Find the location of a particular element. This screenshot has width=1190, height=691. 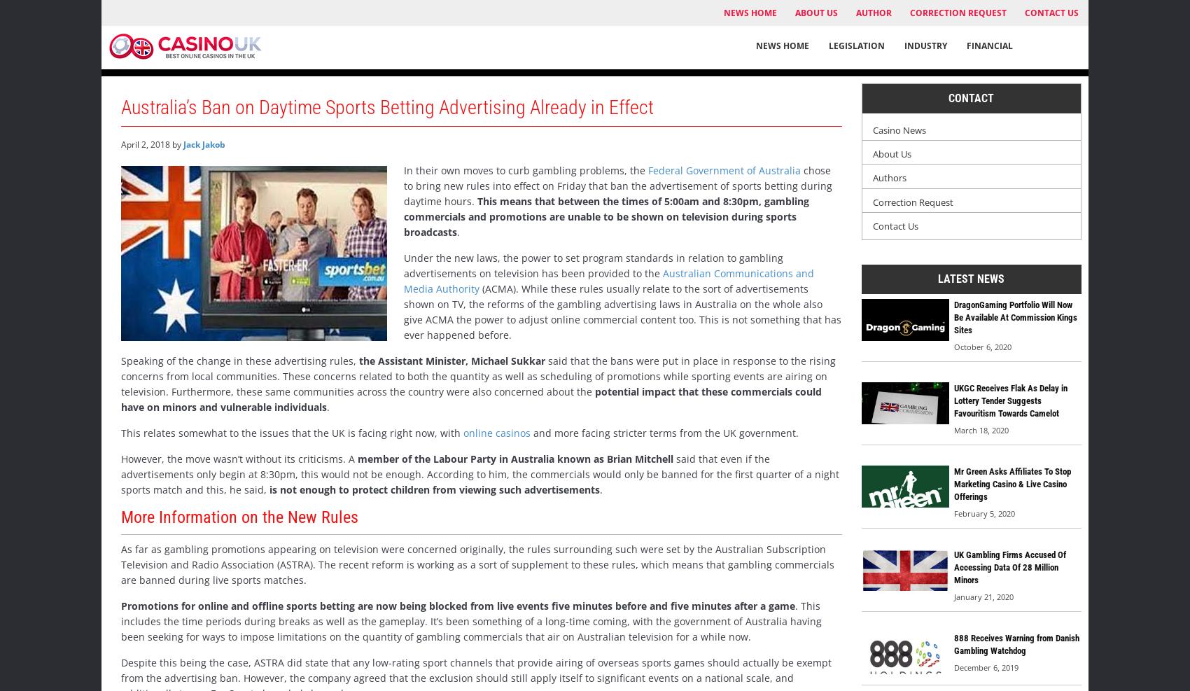

'said that even if the advertisements only begin at 8:30pm, this would not be enough. According to him, the commercials would only be banned for the first quarter of a night sports match and this, he said,' is located at coordinates (120, 473).